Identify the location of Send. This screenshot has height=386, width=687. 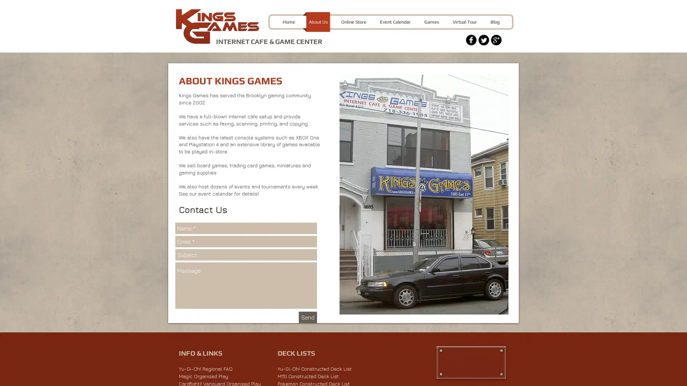
(308, 317).